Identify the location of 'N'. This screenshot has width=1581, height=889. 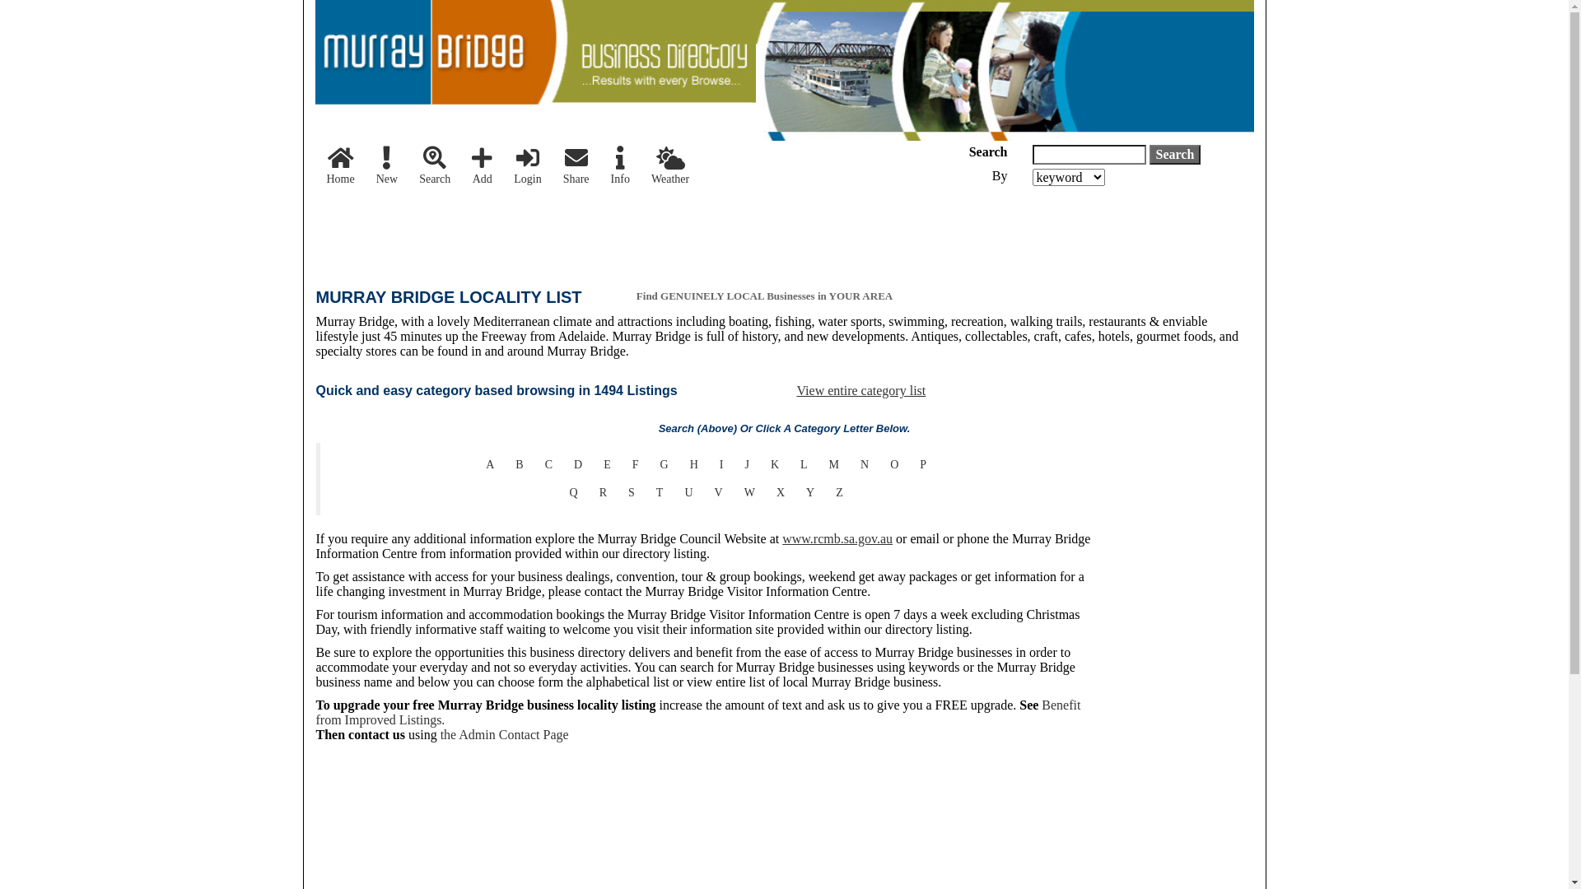
(864, 464).